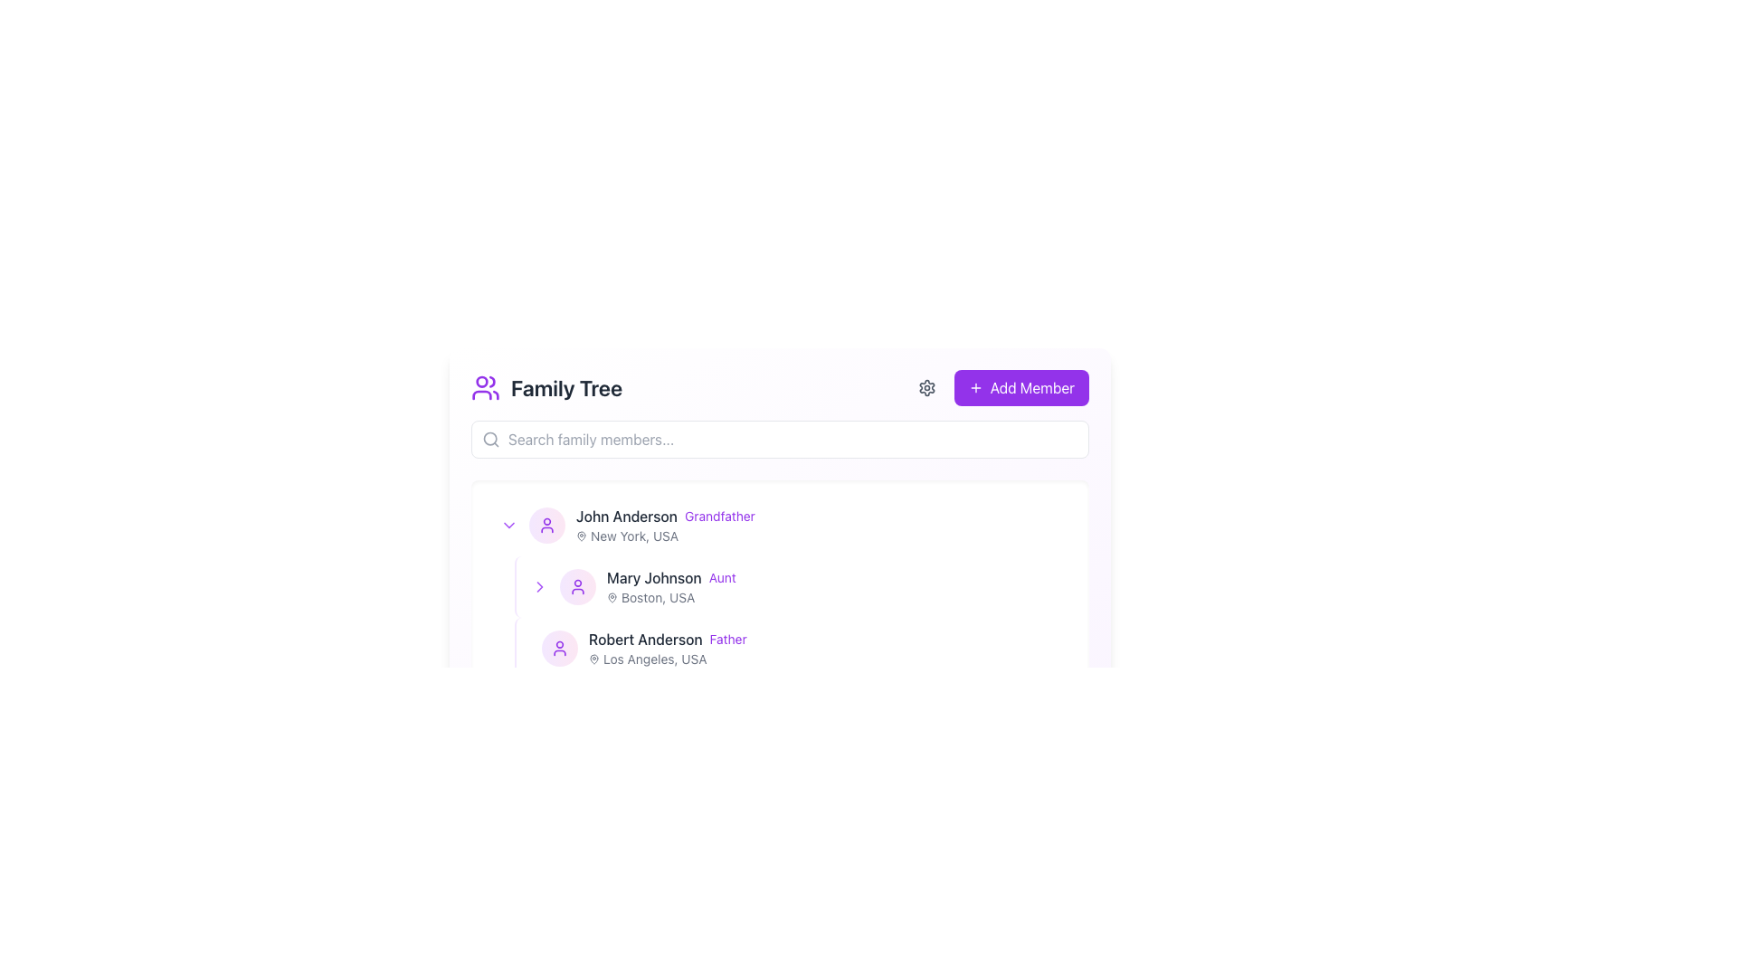 Image resolution: width=1737 pixels, height=977 pixels. What do you see at coordinates (565, 386) in the screenshot?
I see `the prominently styled 'Family Tree' text element located at the top part of the interface, adjacent to a group of people icon` at bounding box center [565, 386].